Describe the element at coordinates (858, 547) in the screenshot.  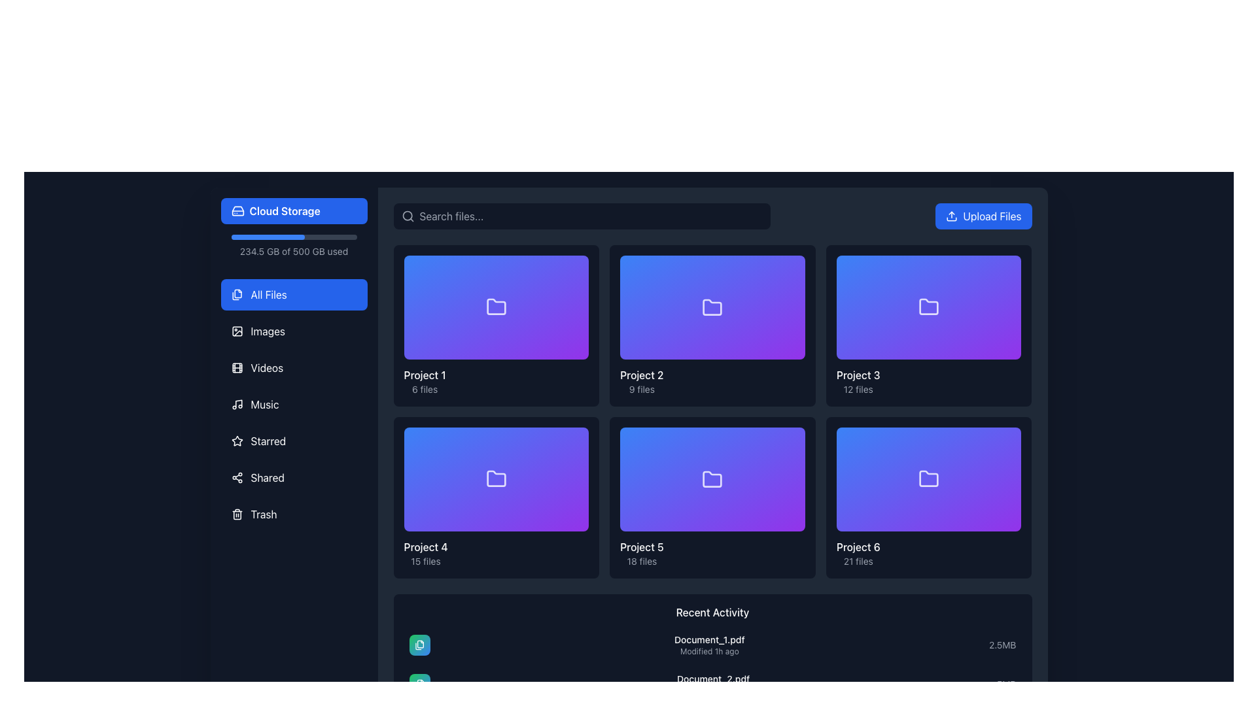
I see `static text label that serves as the title for Project 6, located in the bottom row, rightmost column of the grid layout` at that location.